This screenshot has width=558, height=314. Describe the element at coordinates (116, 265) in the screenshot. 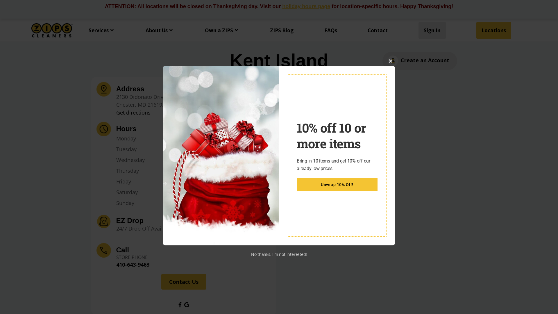

I see `'410-643-9463'` at that location.